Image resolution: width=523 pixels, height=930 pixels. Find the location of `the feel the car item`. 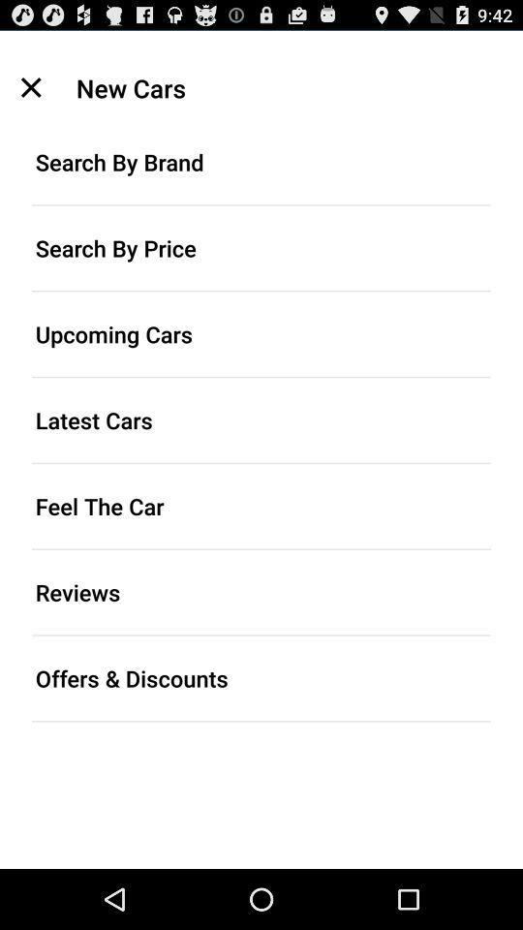

the feel the car item is located at coordinates (261, 505).